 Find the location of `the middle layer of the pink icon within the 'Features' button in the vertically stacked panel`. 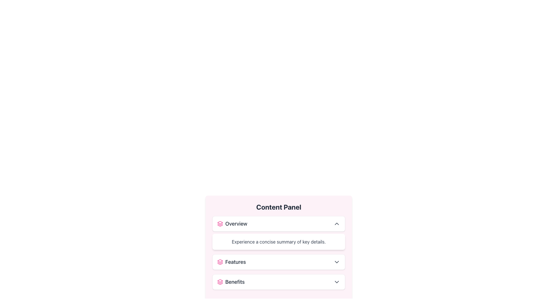

the middle layer of the pink icon within the 'Features' button in the vertically stacked panel is located at coordinates (220, 263).